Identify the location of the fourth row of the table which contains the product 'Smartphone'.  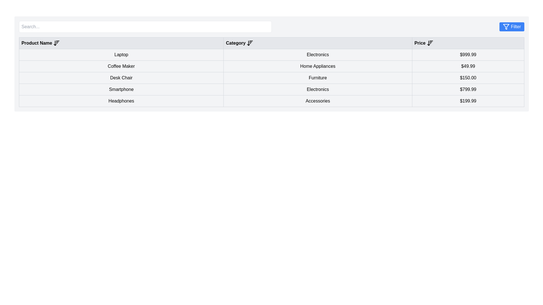
(271, 89).